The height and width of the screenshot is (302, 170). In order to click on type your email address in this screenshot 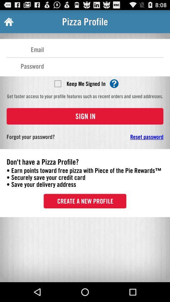, I will do `click(104, 49)`.